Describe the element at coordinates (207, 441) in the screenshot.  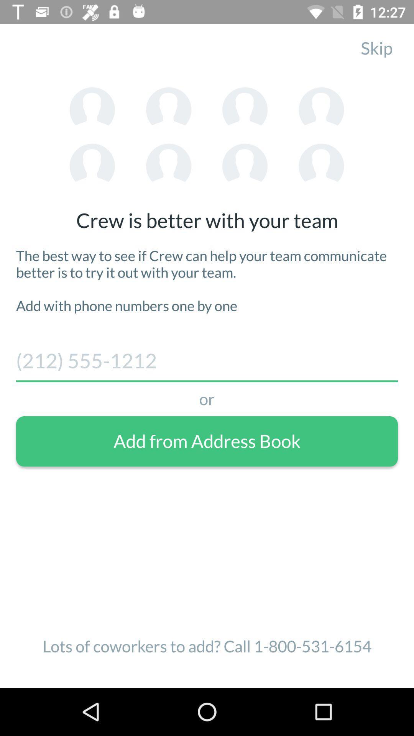
I see `add from address` at that location.